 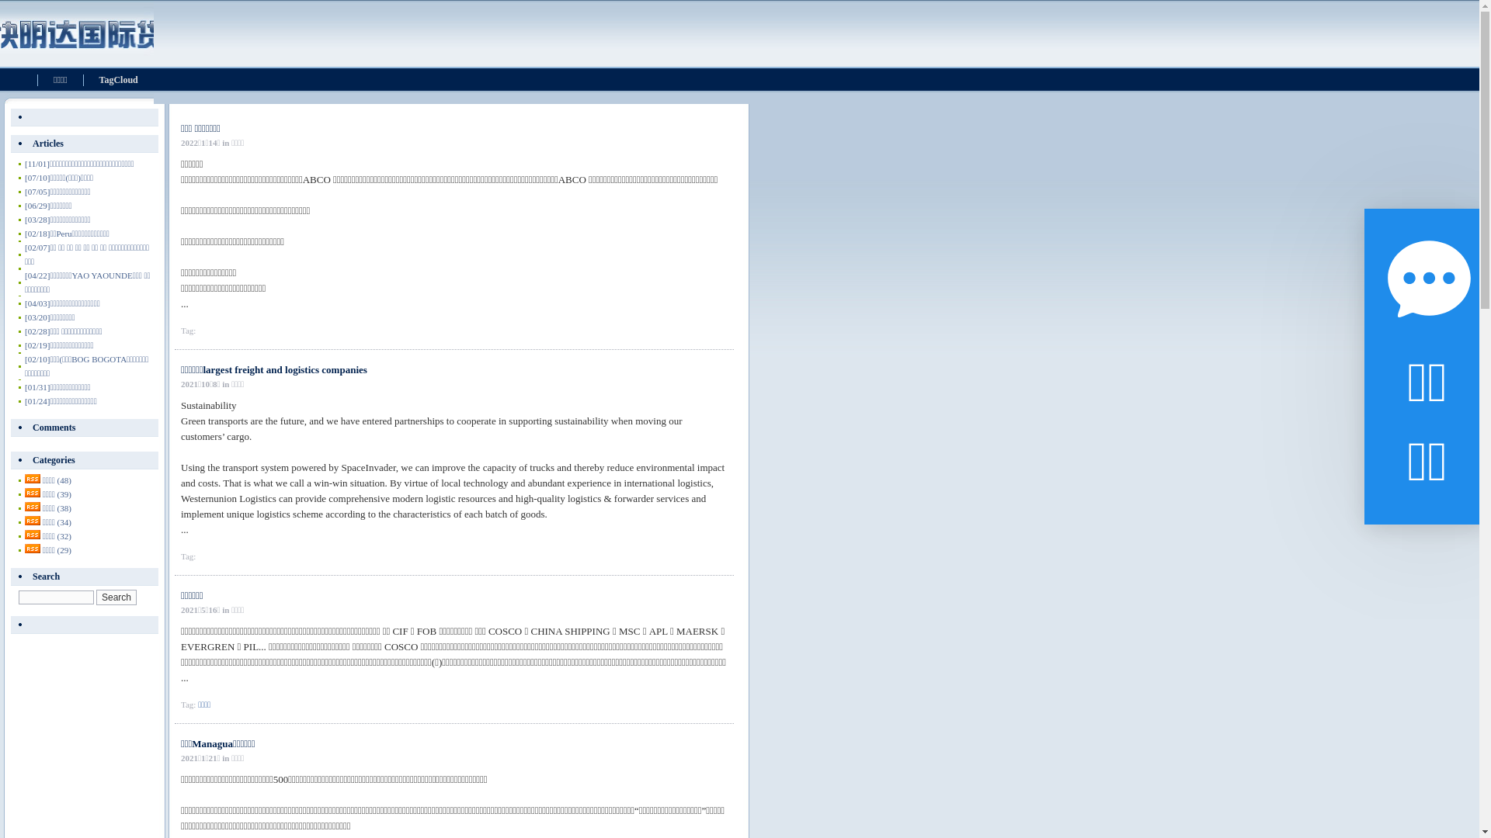 What do you see at coordinates (118, 80) in the screenshot?
I see `'TagCloud'` at bounding box center [118, 80].